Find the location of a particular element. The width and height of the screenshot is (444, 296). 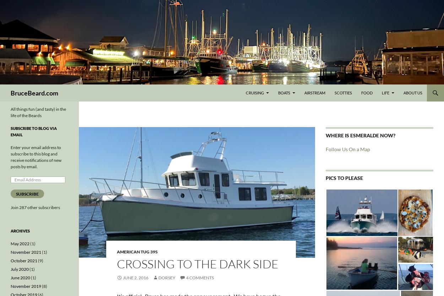

'Dorsey' is located at coordinates (166, 277).